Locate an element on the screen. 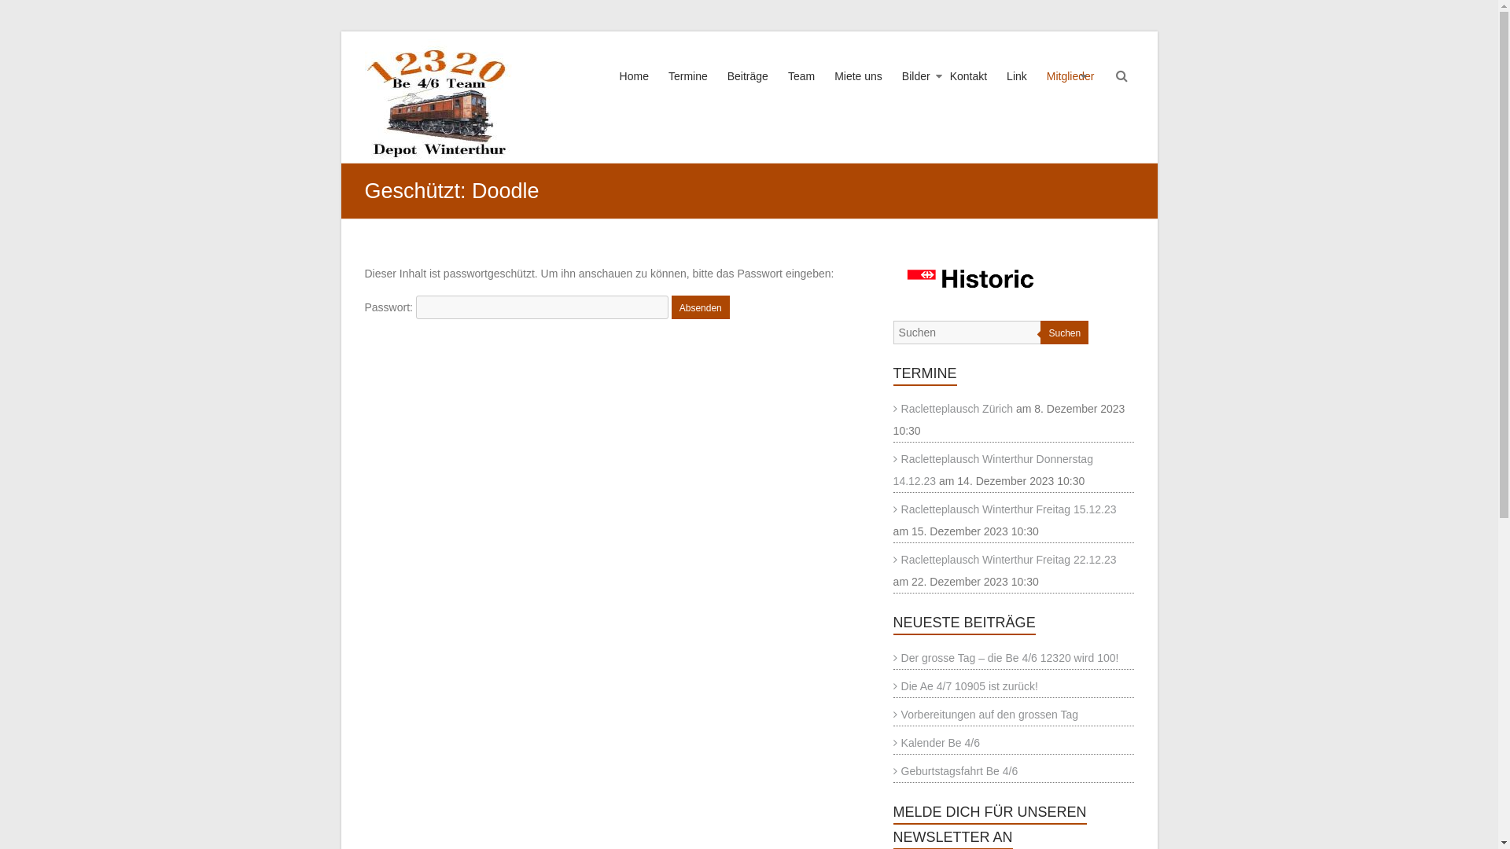 The width and height of the screenshot is (1510, 849). 'Geburtstagsfahrt Be 4/6' is located at coordinates (955, 770).